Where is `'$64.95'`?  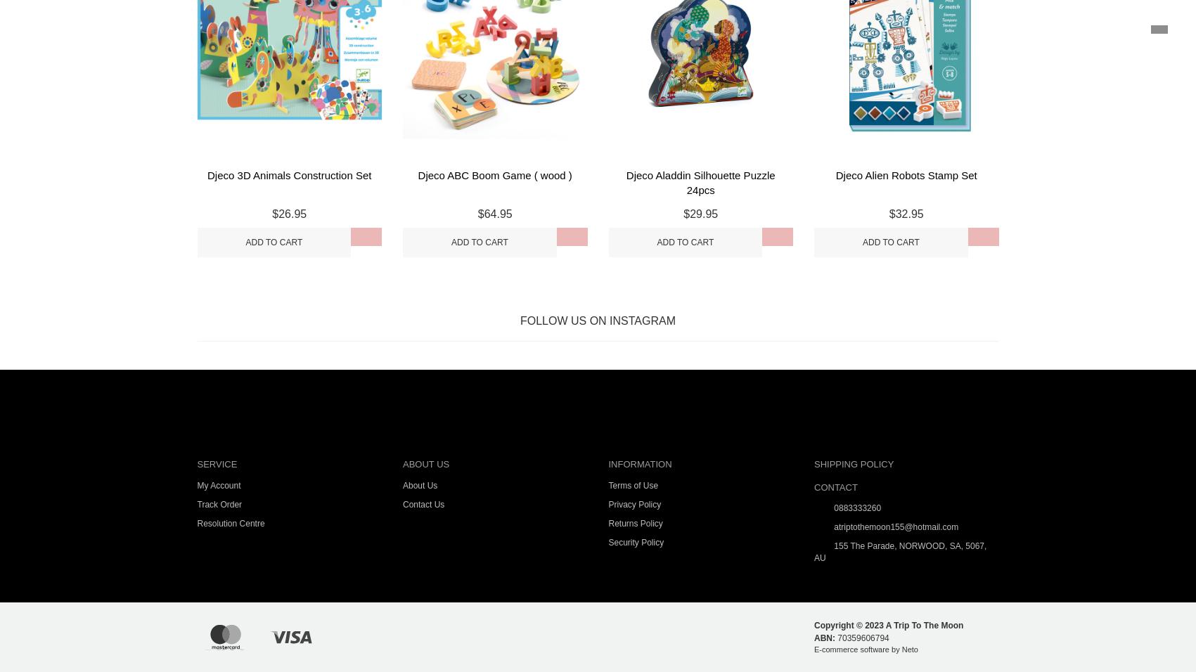 '$64.95' is located at coordinates (494, 213).